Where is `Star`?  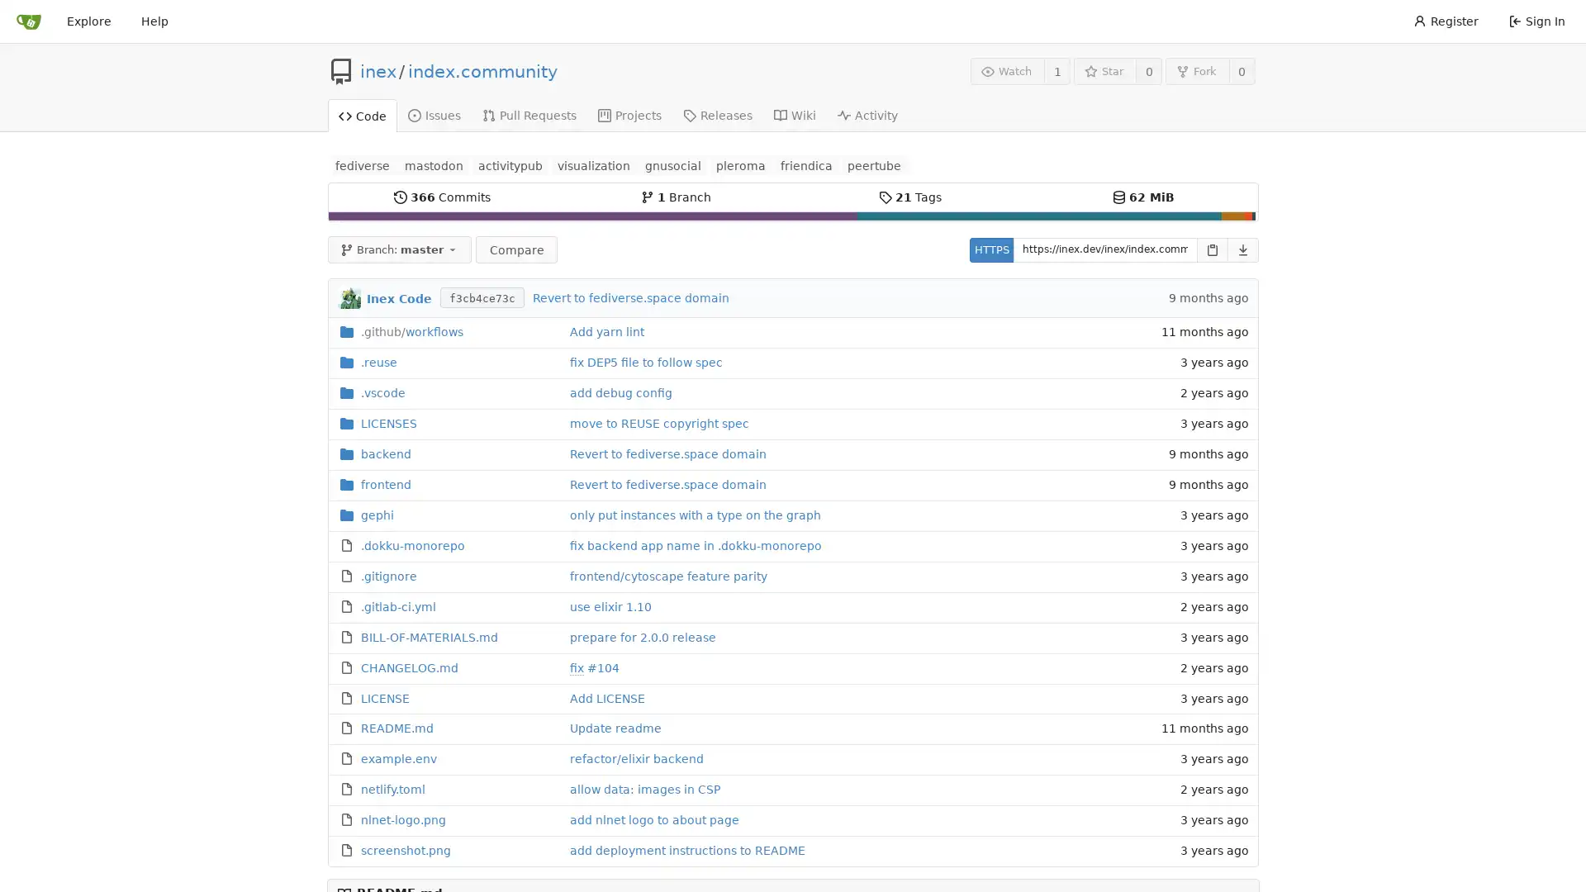 Star is located at coordinates (1104, 70).